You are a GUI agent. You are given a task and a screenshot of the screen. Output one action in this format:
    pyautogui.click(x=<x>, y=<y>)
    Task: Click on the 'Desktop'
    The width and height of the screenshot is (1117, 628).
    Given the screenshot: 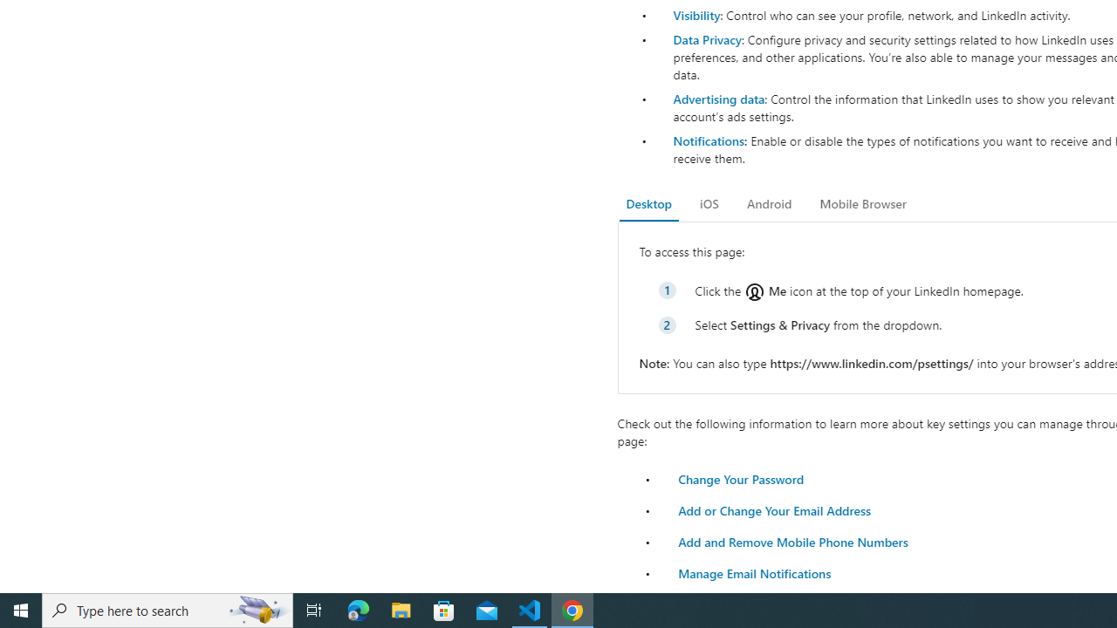 What is the action you would take?
    pyautogui.click(x=648, y=203)
    